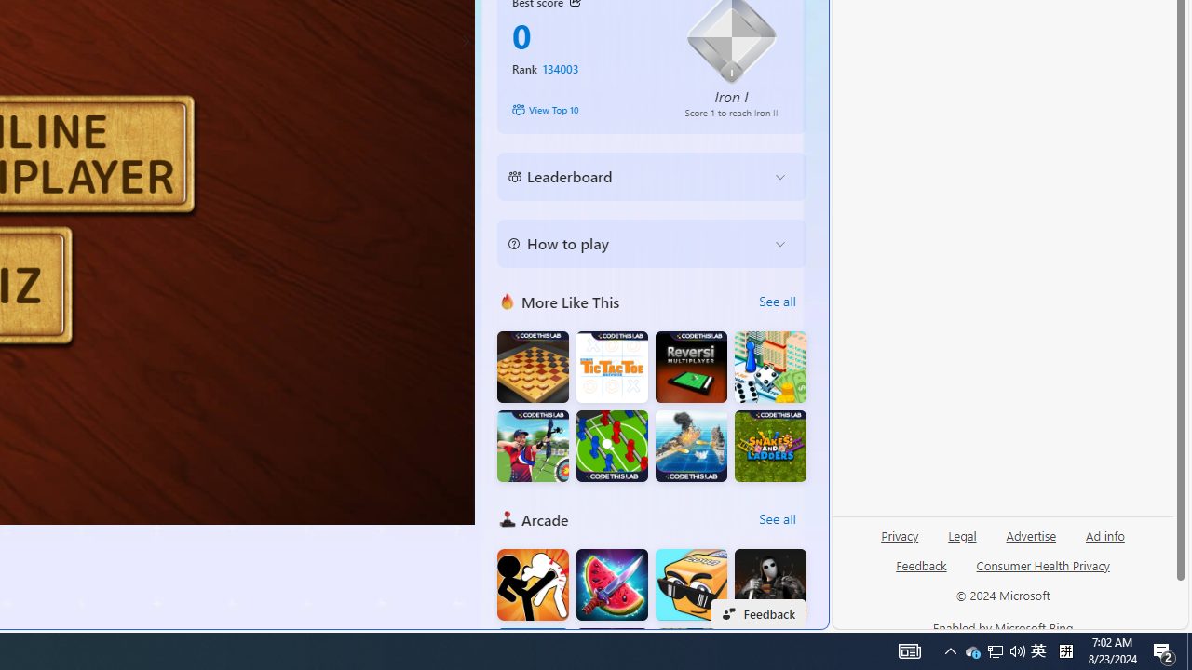  What do you see at coordinates (690, 583) in the screenshot?
I see `'Cubes2048'` at bounding box center [690, 583].